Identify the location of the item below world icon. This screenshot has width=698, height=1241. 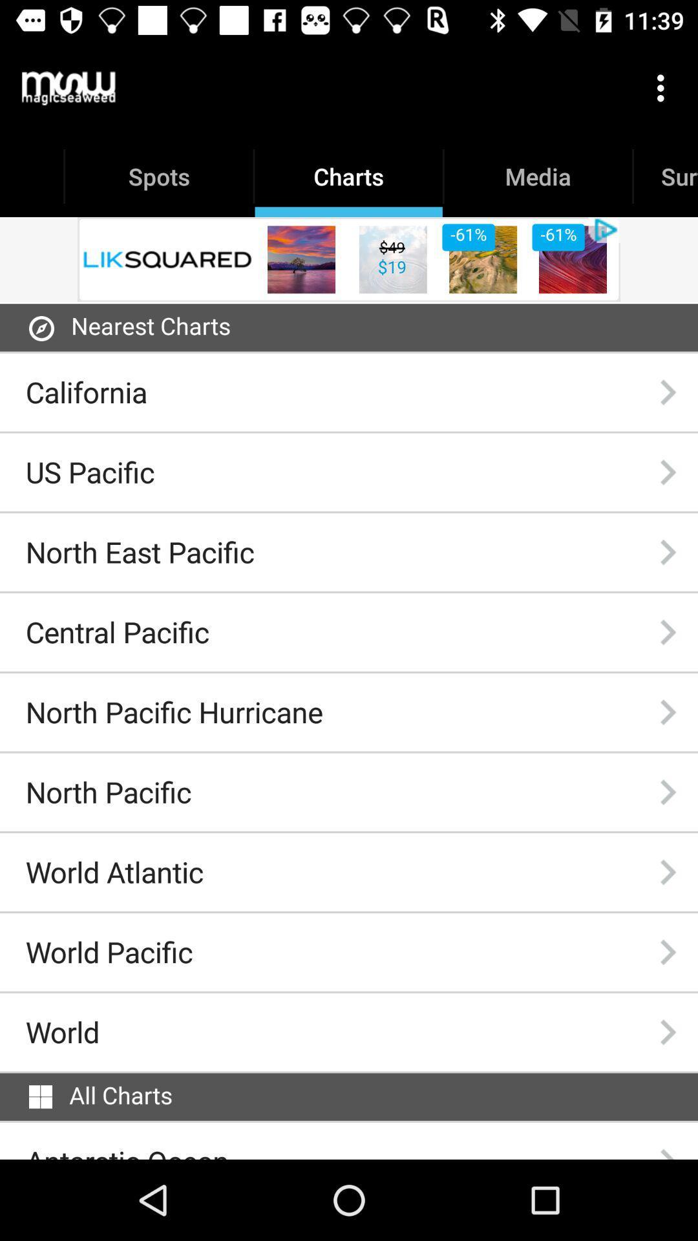
(39, 1096).